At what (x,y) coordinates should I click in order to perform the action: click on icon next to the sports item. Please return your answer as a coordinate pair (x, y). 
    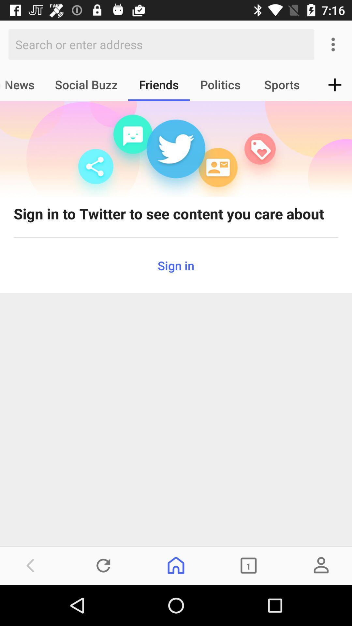
    Looking at the image, I should click on (335, 84).